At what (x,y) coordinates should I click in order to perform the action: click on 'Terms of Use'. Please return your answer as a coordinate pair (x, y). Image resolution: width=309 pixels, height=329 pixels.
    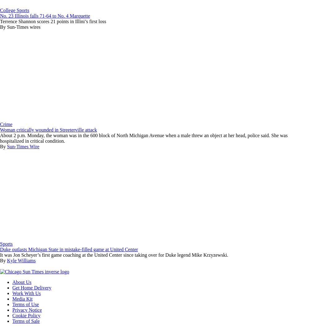
    Looking at the image, I should click on (25, 304).